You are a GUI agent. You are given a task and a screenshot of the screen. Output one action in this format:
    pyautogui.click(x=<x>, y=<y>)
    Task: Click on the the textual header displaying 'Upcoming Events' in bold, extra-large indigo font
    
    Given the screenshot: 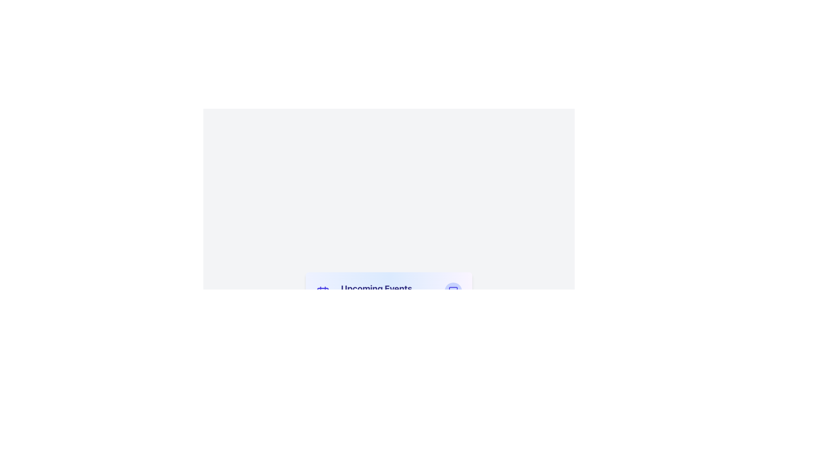 What is the action you would take?
    pyautogui.click(x=377, y=288)
    